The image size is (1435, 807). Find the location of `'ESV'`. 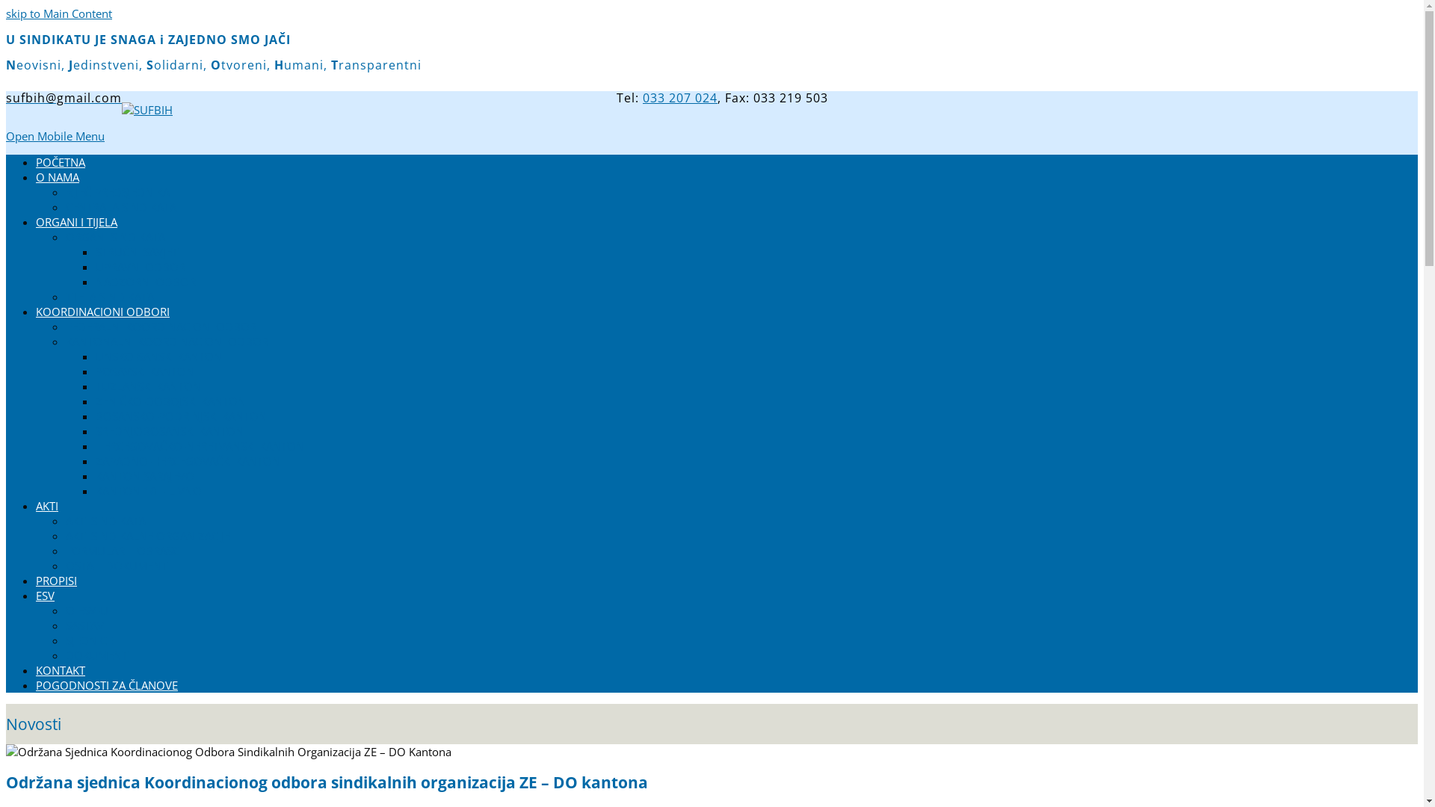

'ESV' is located at coordinates (45, 595).